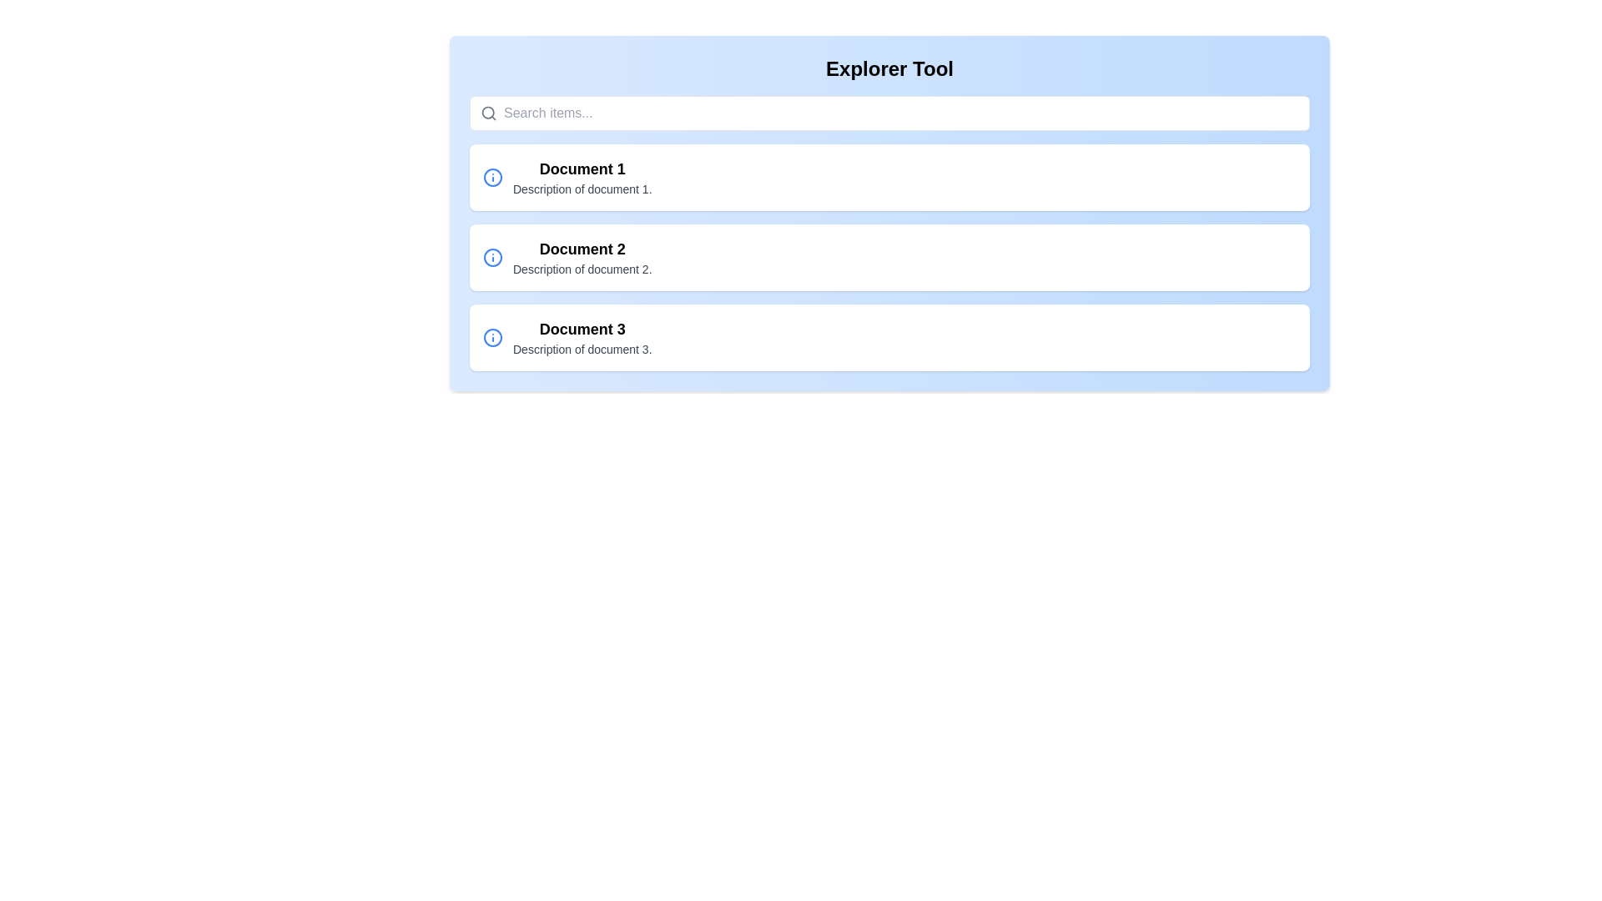 The height and width of the screenshot is (901, 1602). I want to click on the circular icon with a blue hue located to the left of the 'Document 2' list item, which has a smaller circle near its center, so click(491, 257).